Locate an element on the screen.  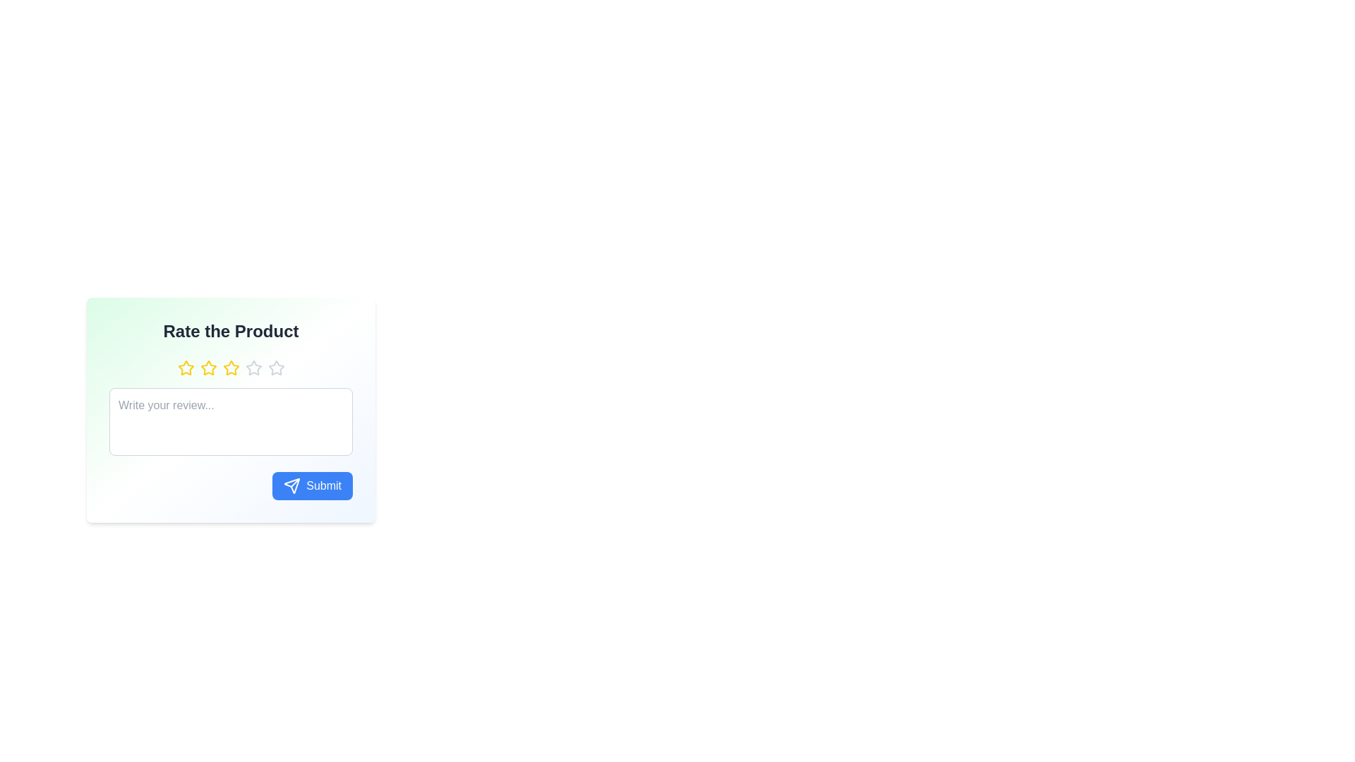
the star corresponding to the desired rating, where the rating is specified as 2 is located at coordinates (207, 367).